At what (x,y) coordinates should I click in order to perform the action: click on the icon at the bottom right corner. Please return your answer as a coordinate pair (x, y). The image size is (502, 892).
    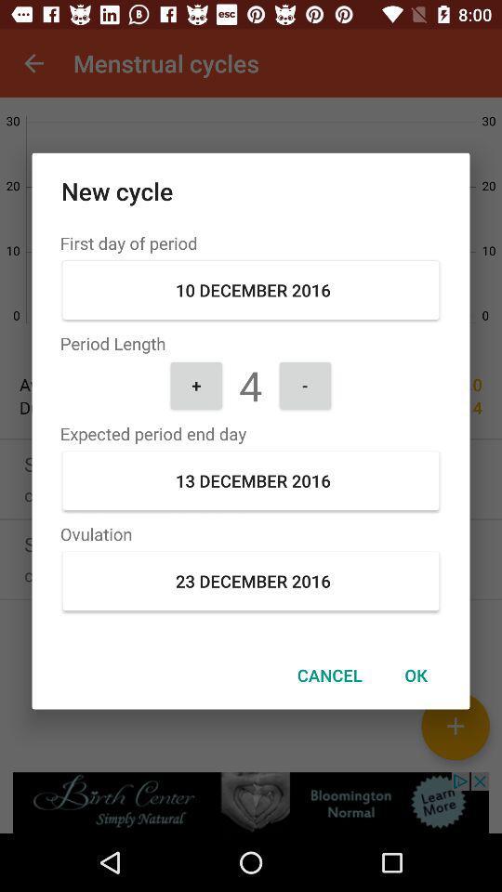
    Looking at the image, I should click on (416, 674).